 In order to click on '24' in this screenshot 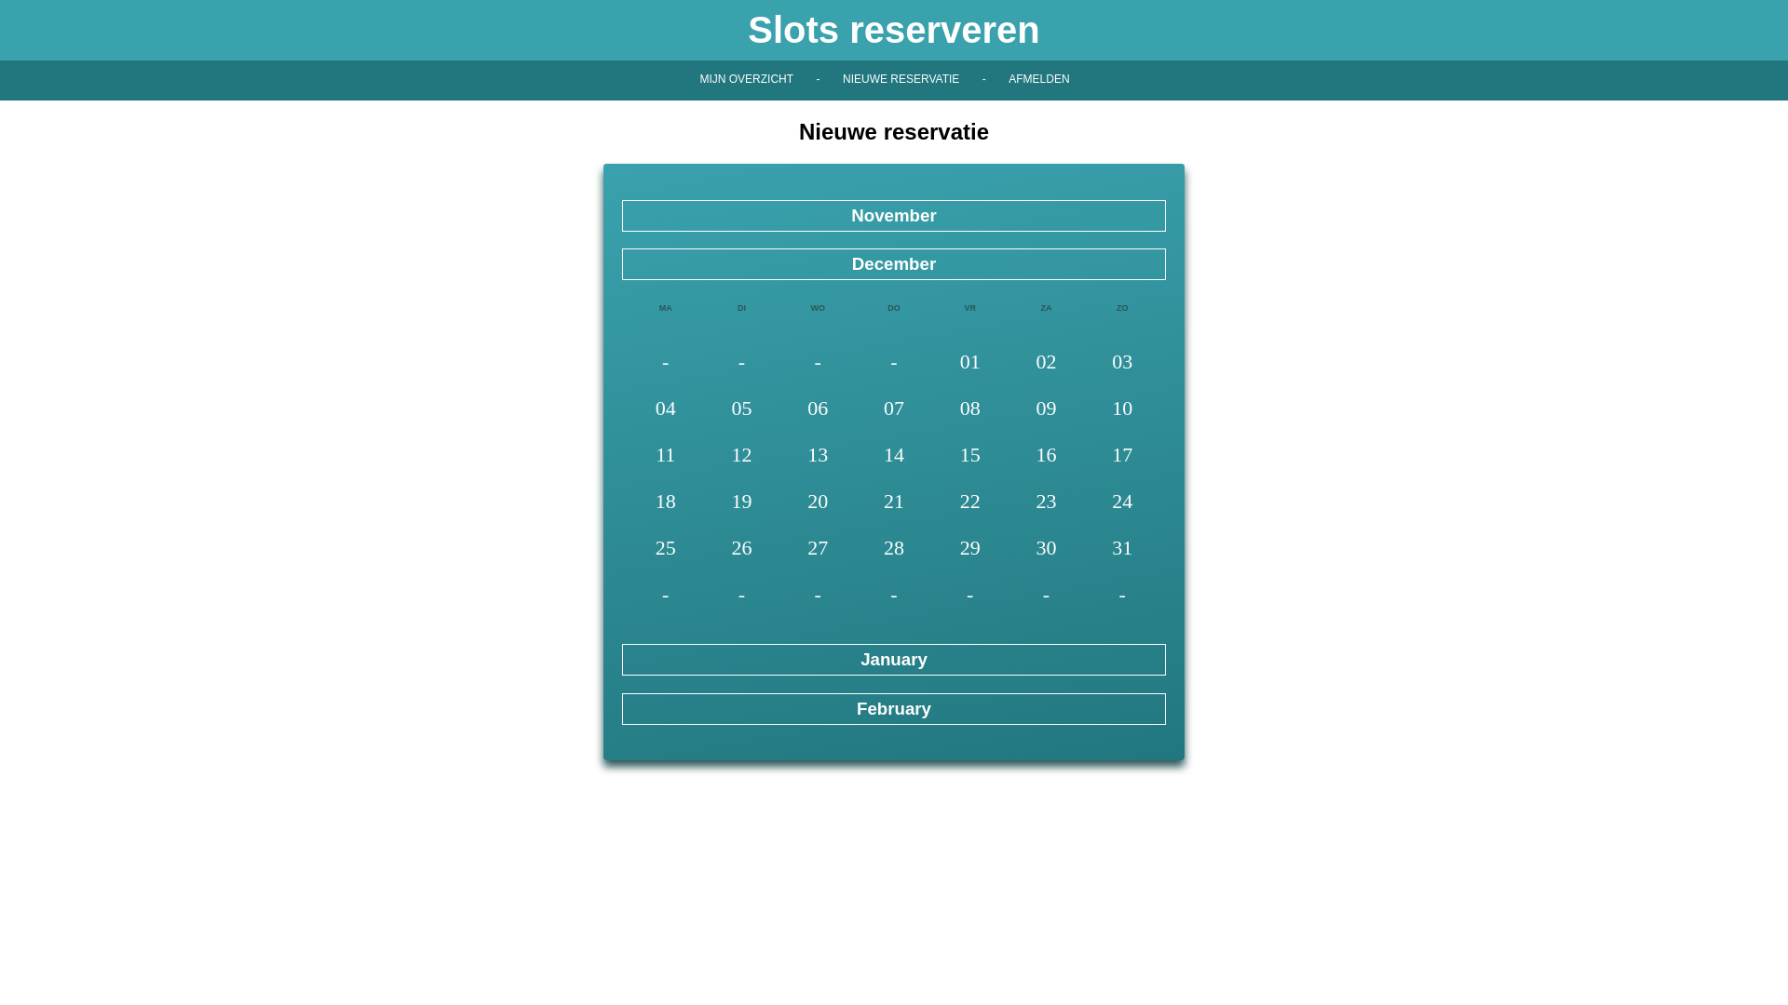, I will do `click(1120, 502)`.